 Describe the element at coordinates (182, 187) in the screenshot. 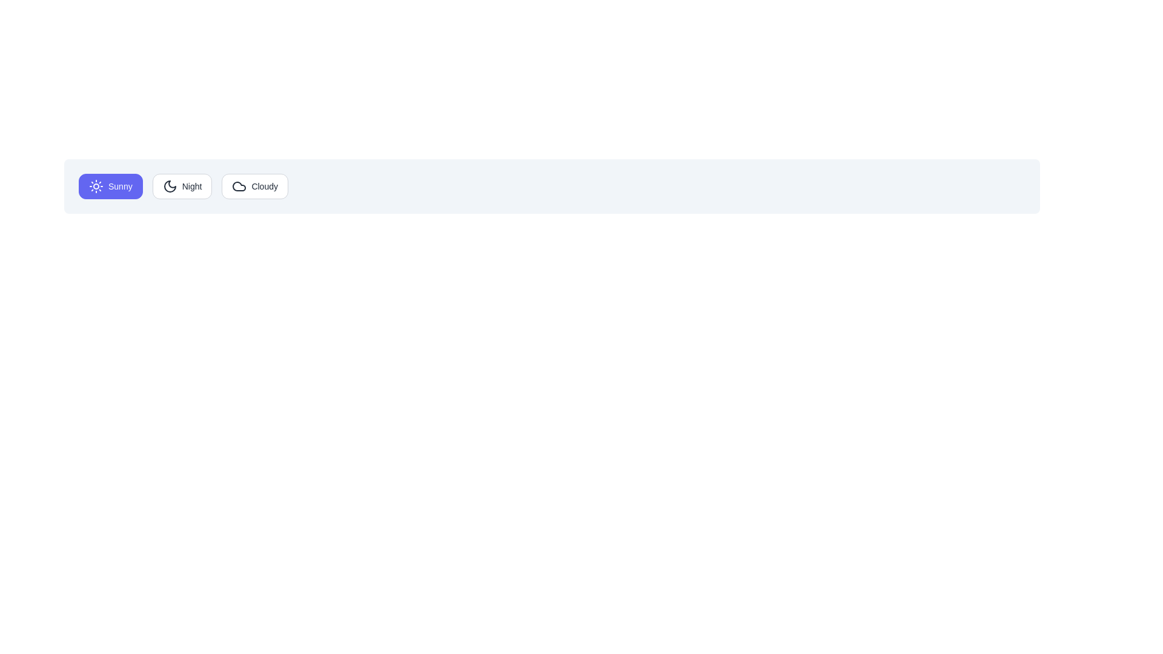

I see `the Night button to observe its hover state` at that location.